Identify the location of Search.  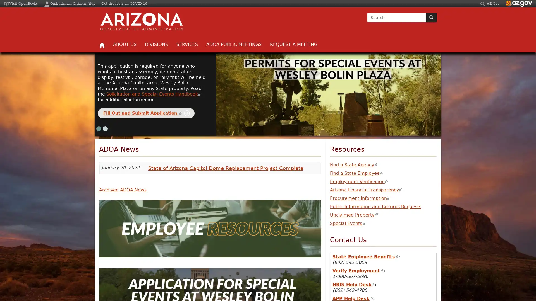
(367, 22).